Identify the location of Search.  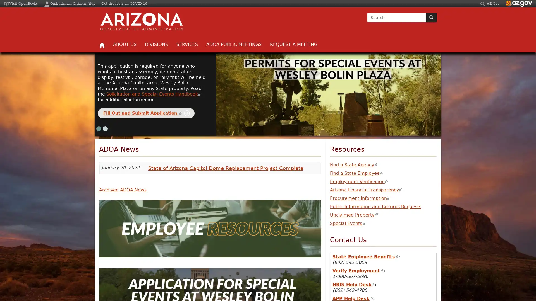
(367, 22).